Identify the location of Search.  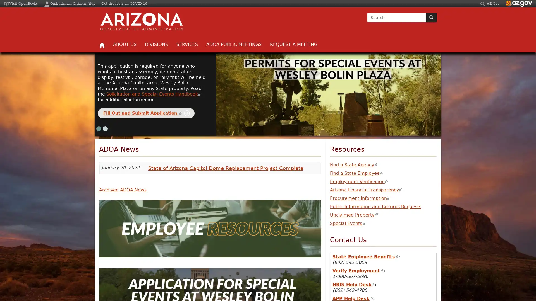
(367, 22).